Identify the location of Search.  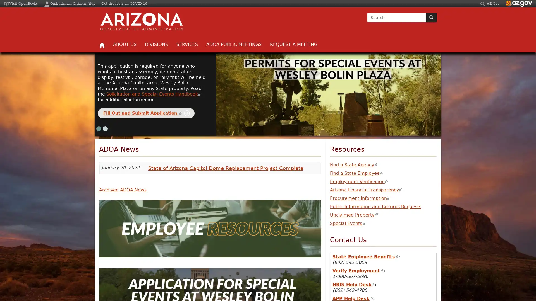
(367, 22).